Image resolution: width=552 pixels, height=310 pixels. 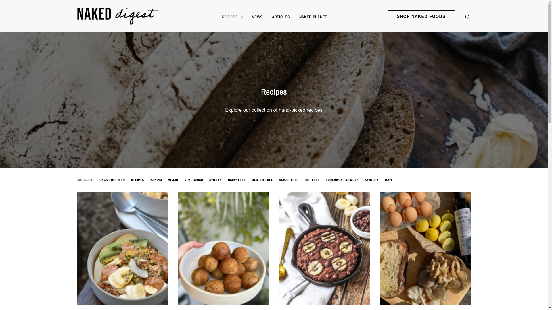 I want to click on 'ARTICLES', so click(x=267, y=16).